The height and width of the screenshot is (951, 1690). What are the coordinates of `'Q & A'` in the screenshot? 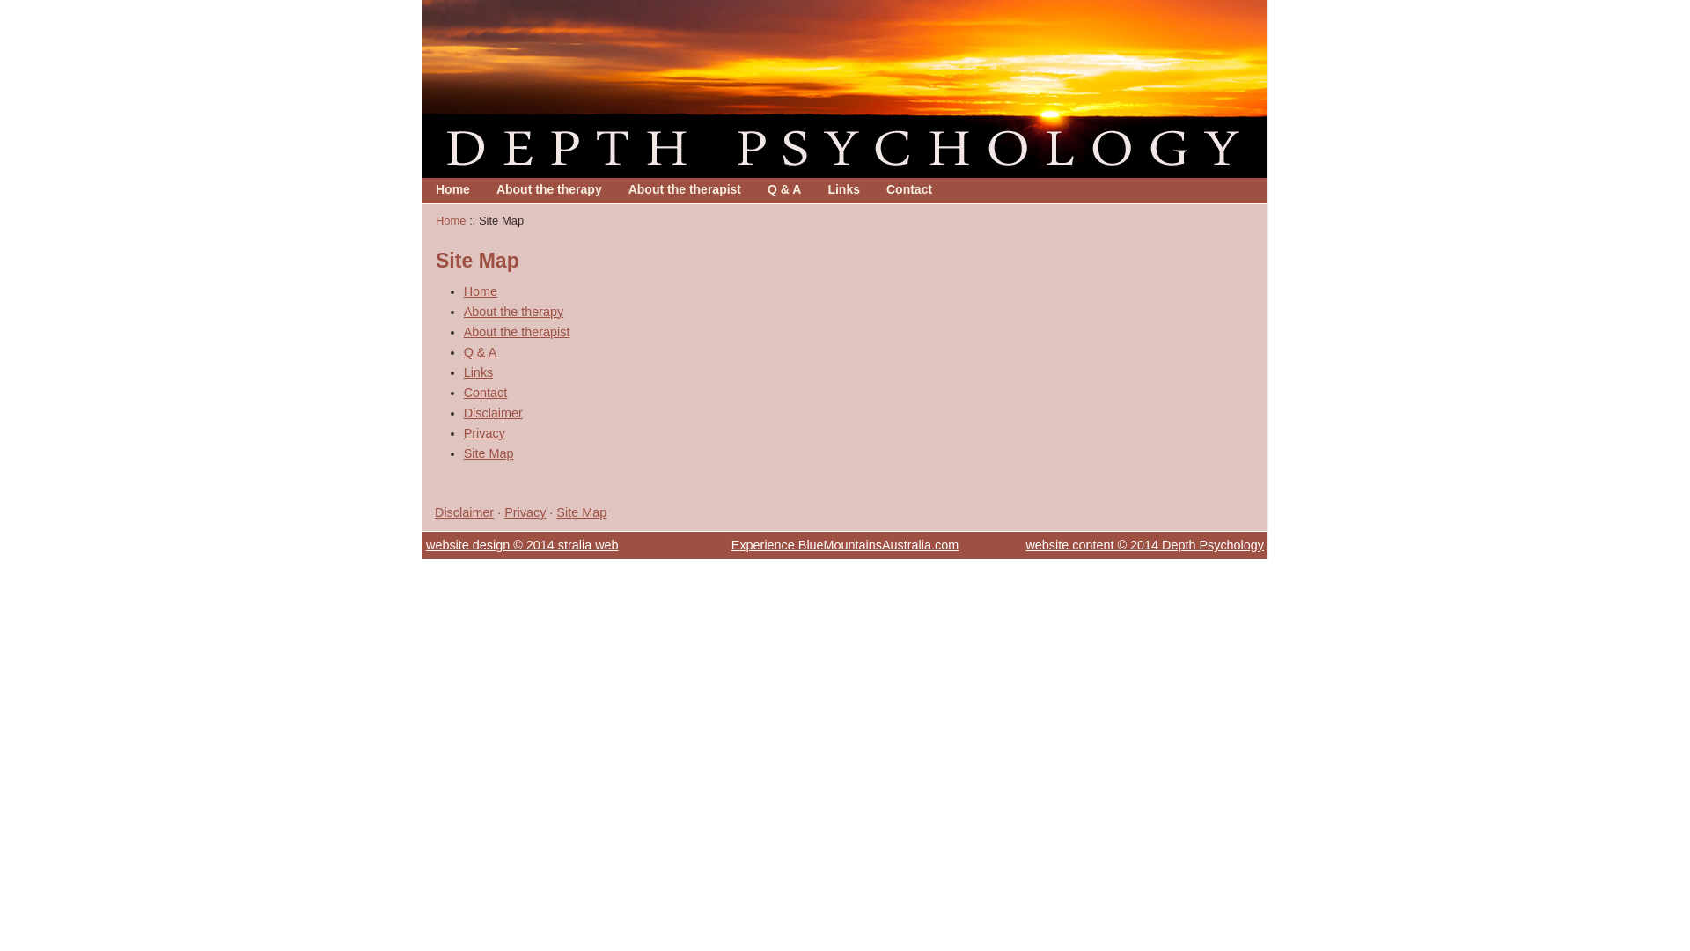 It's located at (768, 189).